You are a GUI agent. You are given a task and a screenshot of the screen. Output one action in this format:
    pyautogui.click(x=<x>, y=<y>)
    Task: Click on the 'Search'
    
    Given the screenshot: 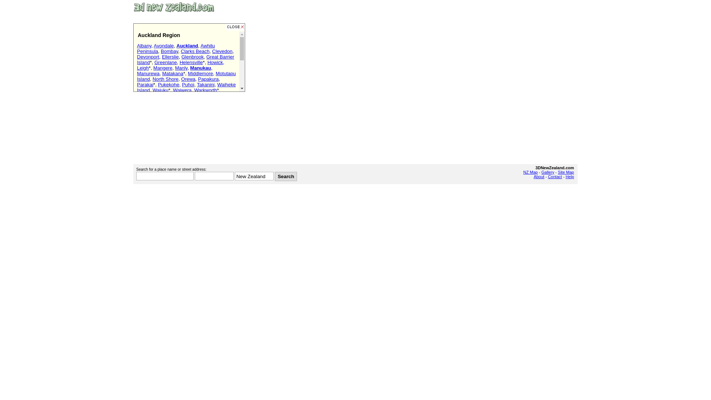 What is the action you would take?
    pyautogui.click(x=286, y=176)
    